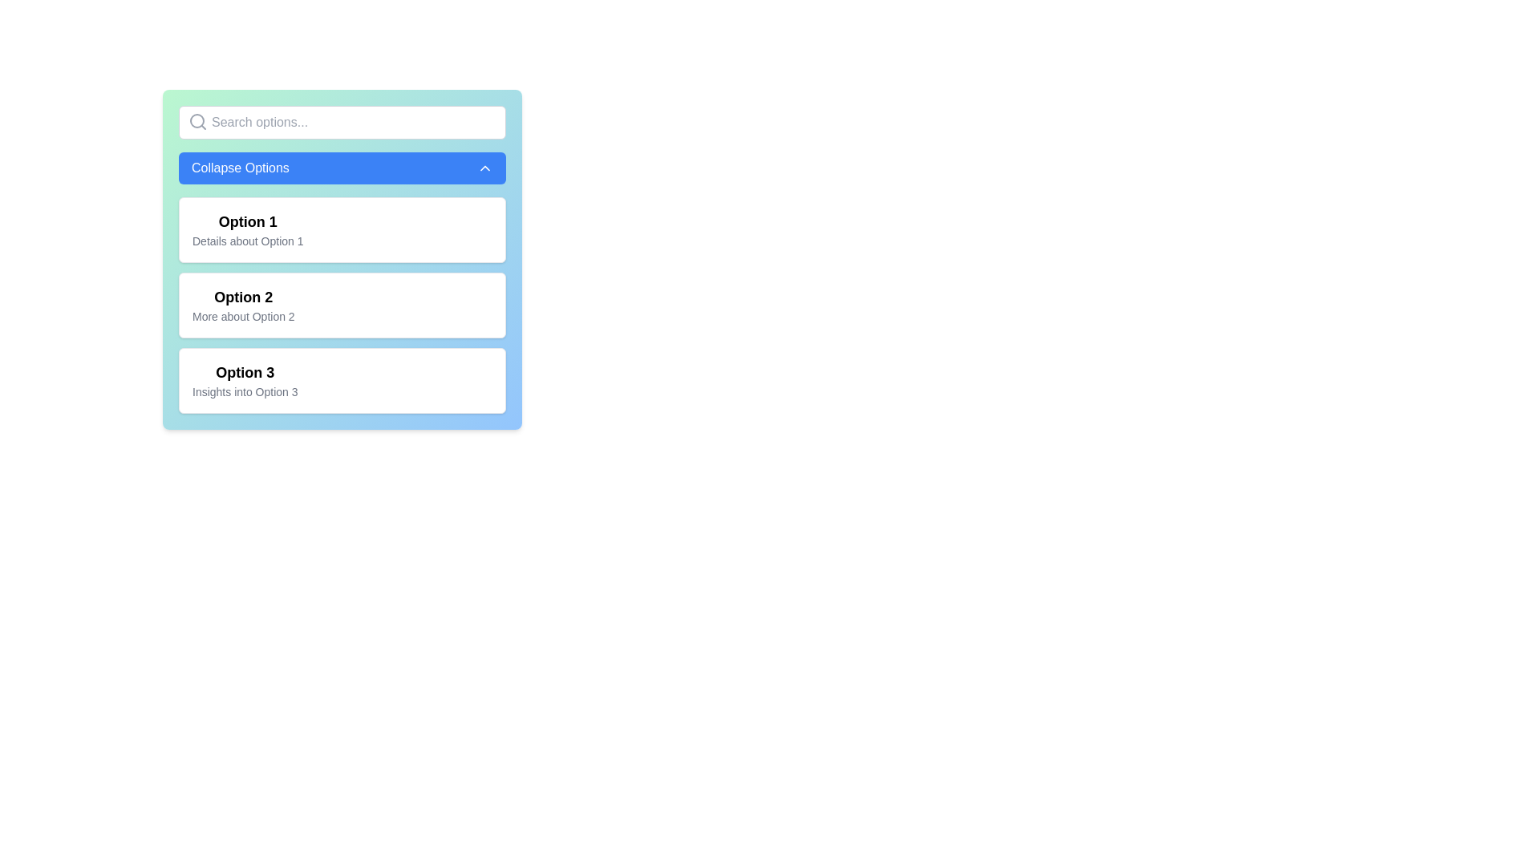  I want to click on the List item labeled 'Option 2', which is the middle selectable item in a vertical list of three options, to allow for interaction or selection, so click(342, 306).